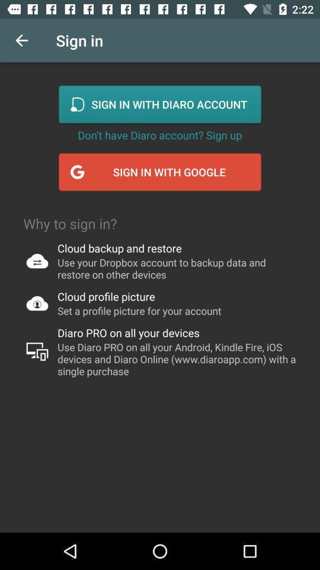 The image size is (320, 570). Describe the element at coordinates (21, 40) in the screenshot. I see `icon next to the sign in app` at that location.